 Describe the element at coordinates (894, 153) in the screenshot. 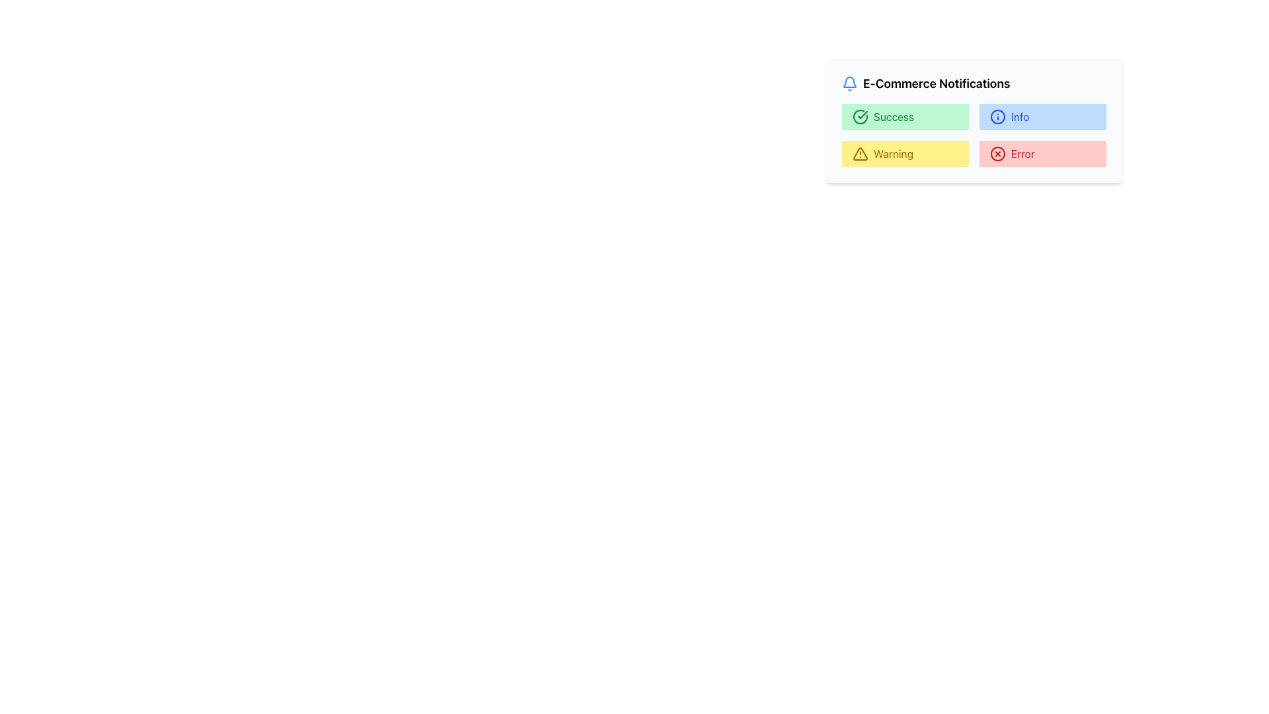

I see `warning text labeled 'Warning' located to the right of the triangle icon within the warning notification` at that location.